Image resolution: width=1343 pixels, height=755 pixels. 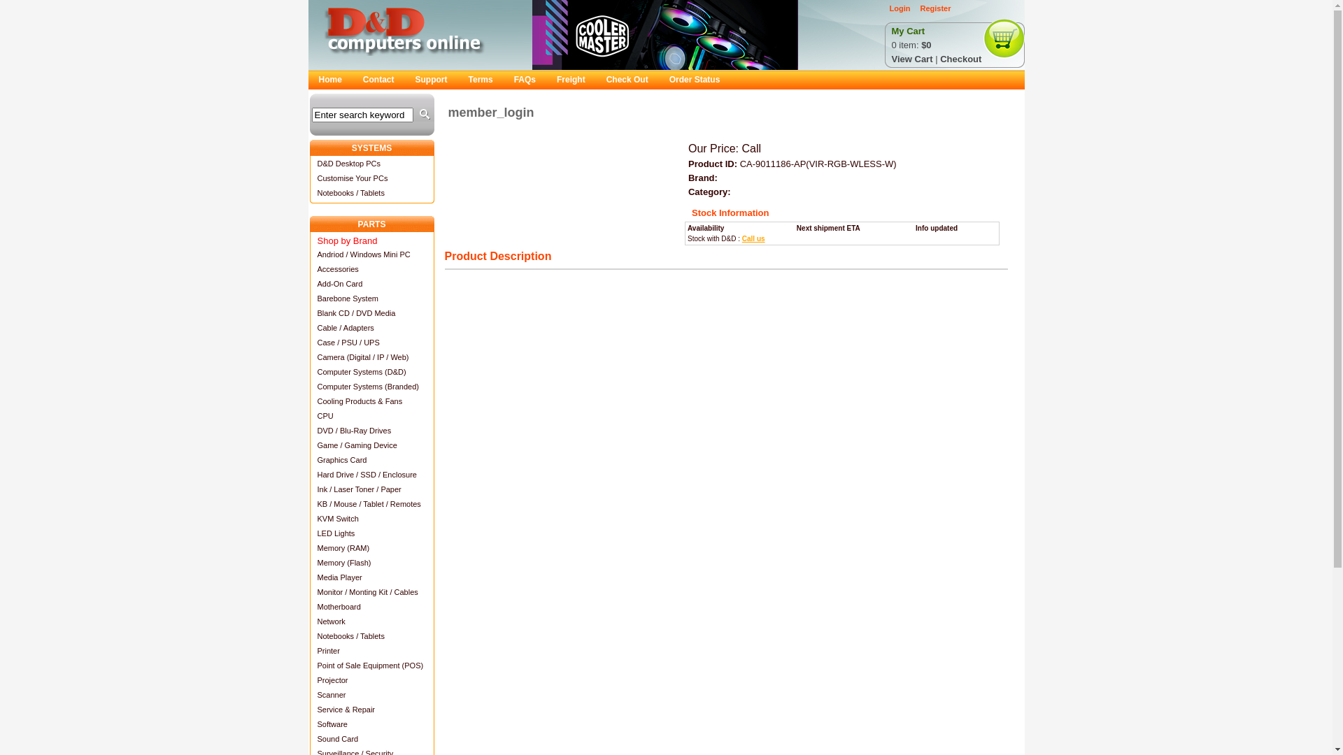 What do you see at coordinates (371, 327) in the screenshot?
I see `'Cable / Adapters'` at bounding box center [371, 327].